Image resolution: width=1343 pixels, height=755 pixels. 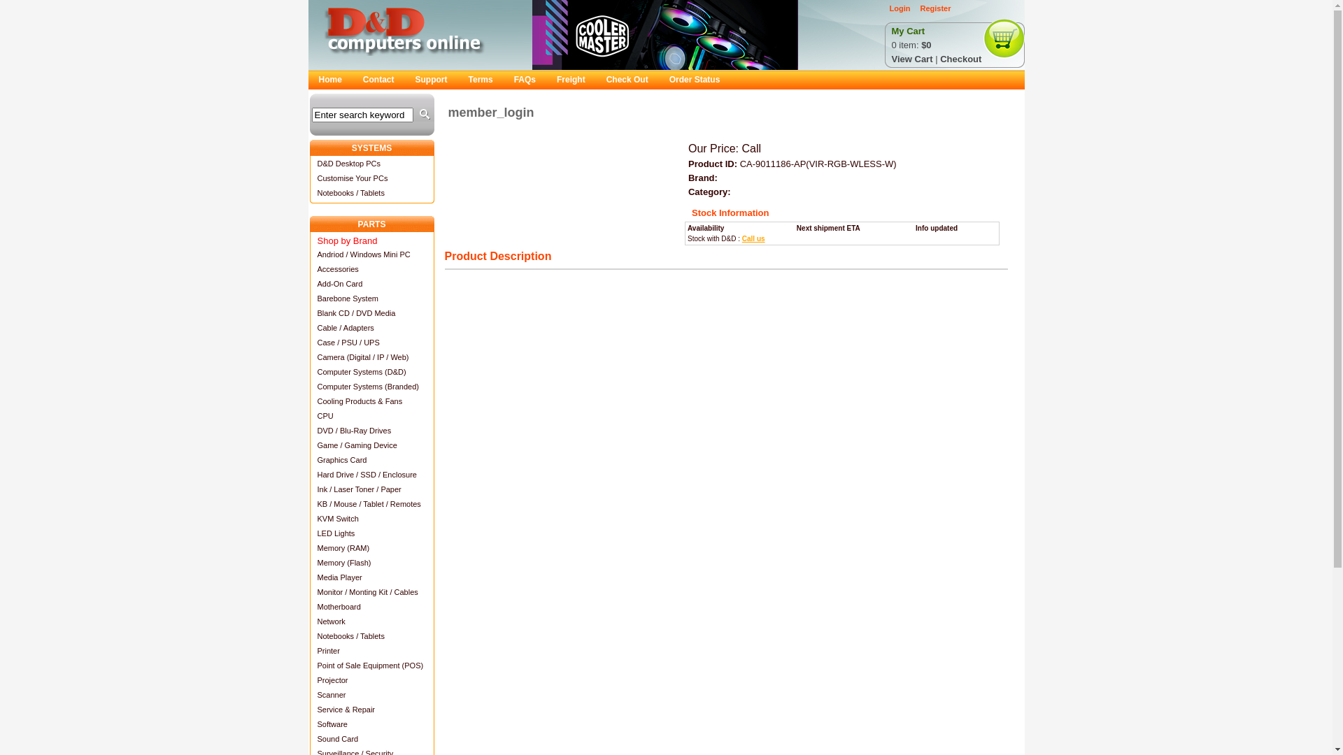 What do you see at coordinates (371, 327) in the screenshot?
I see `'Cable / Adapters'` at bounding box center [371, 327].